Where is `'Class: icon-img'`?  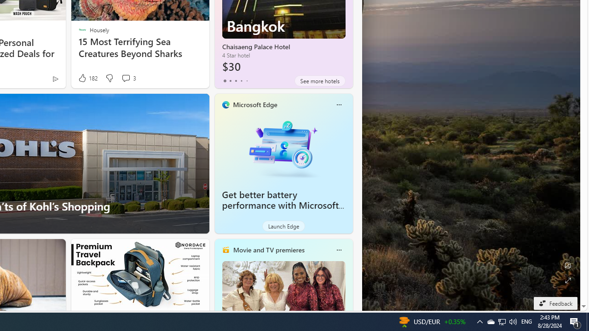
'Class: icon-img' is located at coordinates (338, 250).